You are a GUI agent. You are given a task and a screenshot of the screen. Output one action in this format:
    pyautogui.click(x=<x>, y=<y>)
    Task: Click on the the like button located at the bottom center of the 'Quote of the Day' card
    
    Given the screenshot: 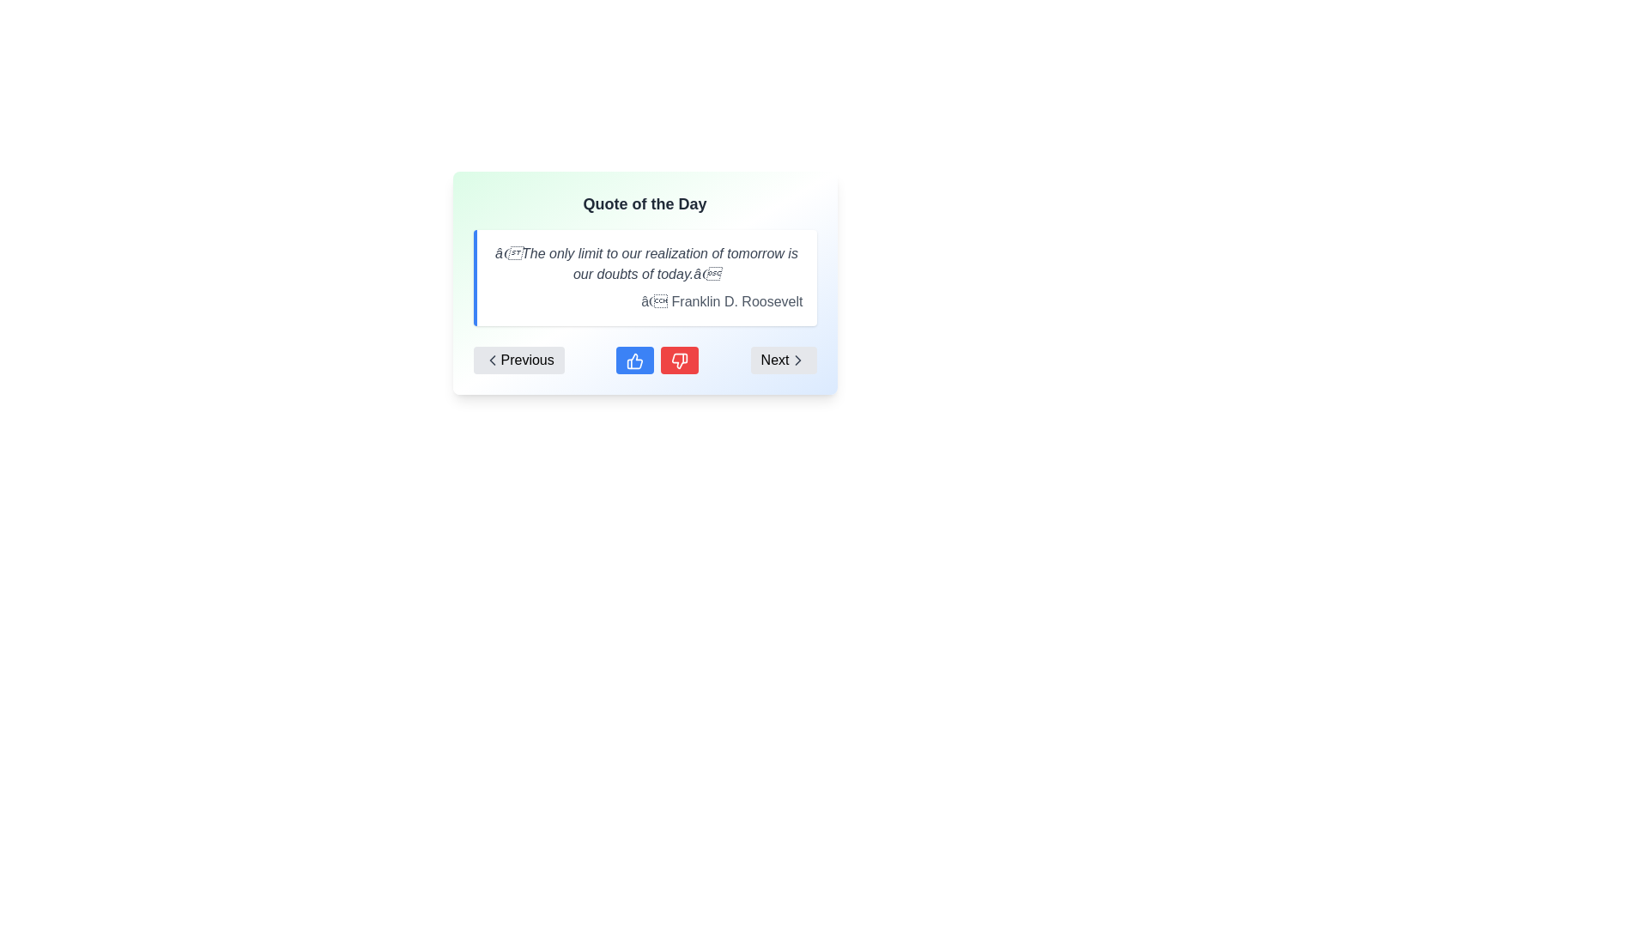 What is the action you would take?
    pyautogui.click(x=644, y=360)
    